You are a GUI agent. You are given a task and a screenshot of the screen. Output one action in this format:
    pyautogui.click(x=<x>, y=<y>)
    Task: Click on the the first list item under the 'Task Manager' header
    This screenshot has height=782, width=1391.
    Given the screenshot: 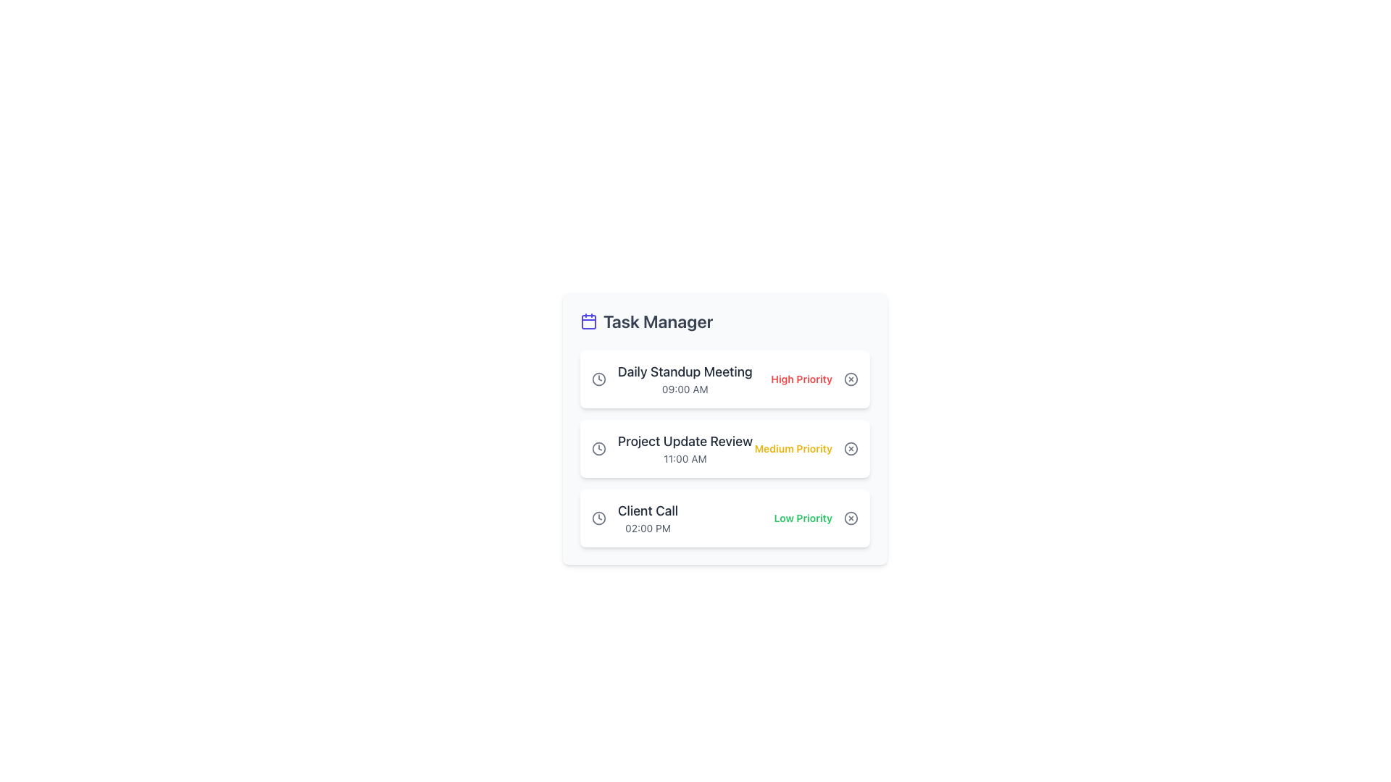 What is the action you would take?
    pyautogui.click(x=671, y=379)
    